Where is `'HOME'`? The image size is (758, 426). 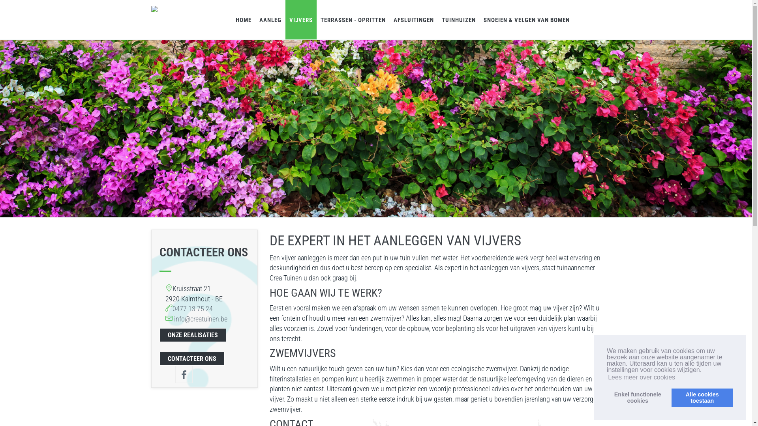
'HOME' is located at coordinates (242, 19).